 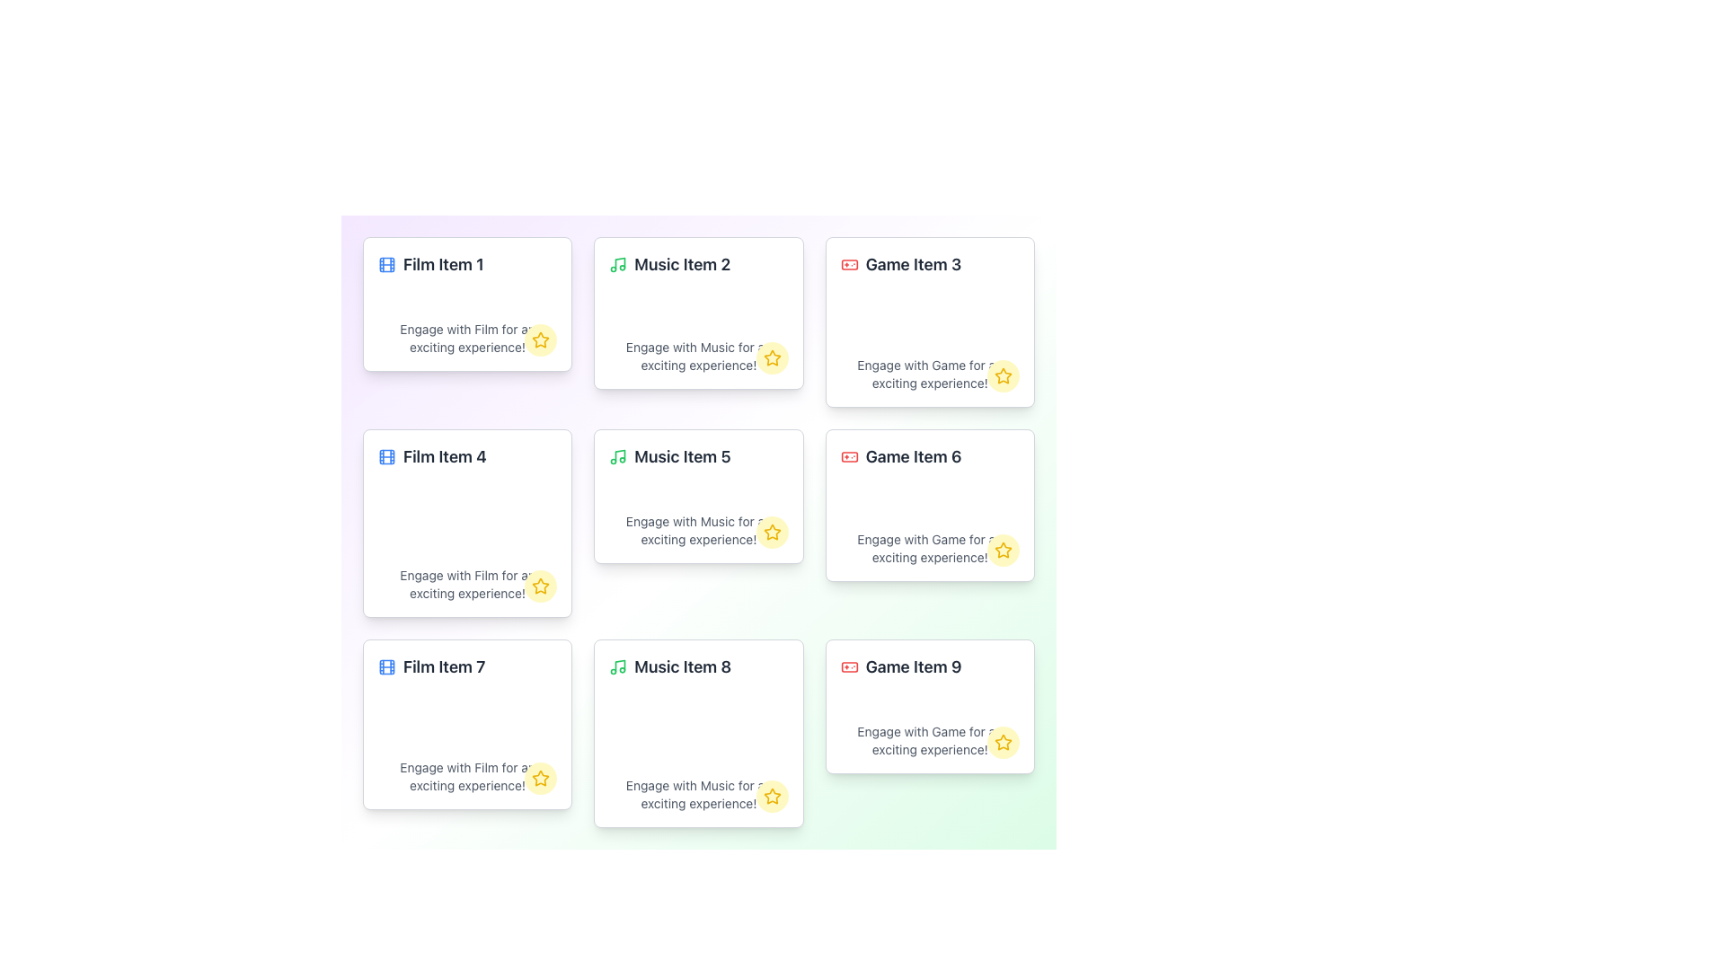 I want to click on the star icon located in the bottom-right corner of the card titled 'Film Item 7' to mark or rate the associated content, so click(x=539, y=778).